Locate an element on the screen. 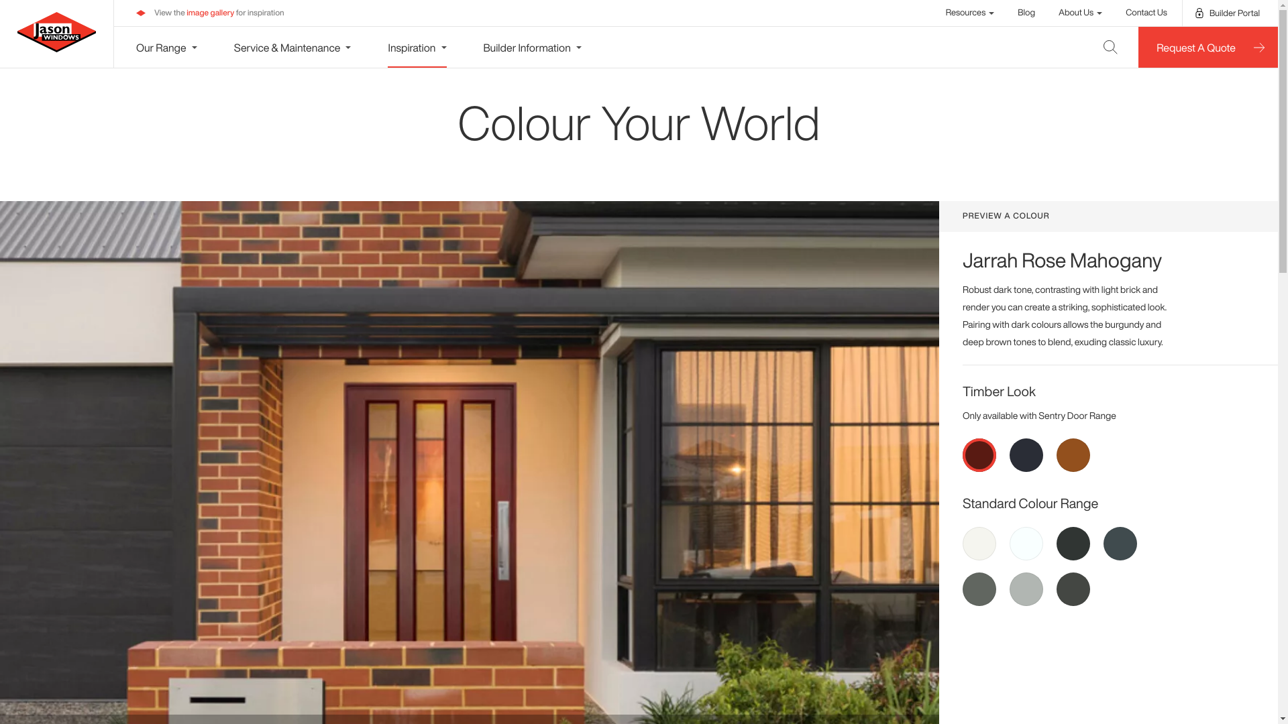  'Expand search bar' is located at coordinates (1090, 46).